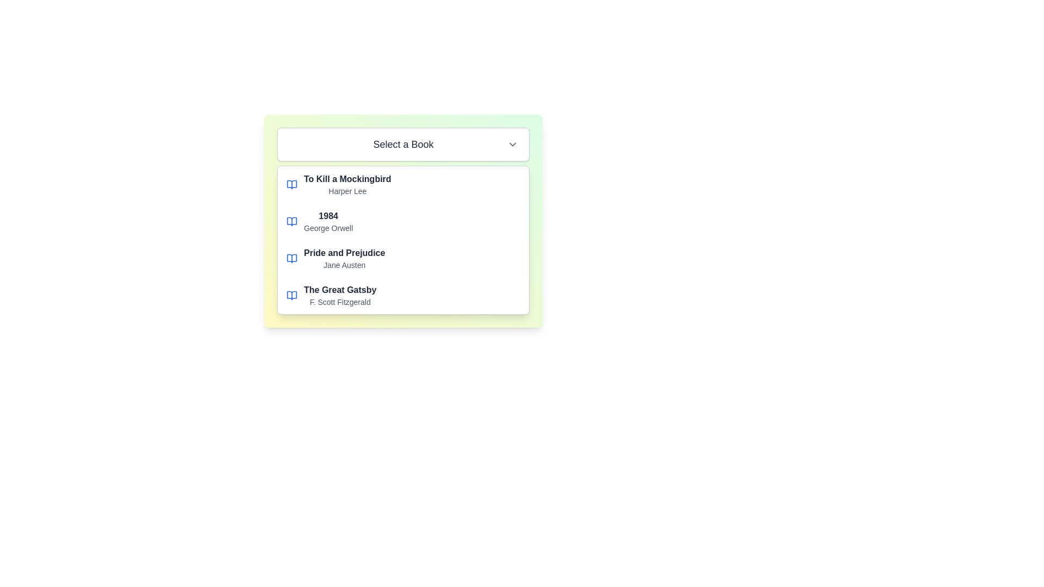 Image resolution: width=1044 pixels, height=587 pixels. Describe the element at coordinates (347, 184) in the screenshot. I see `the Text Display element showing the book title 'To Kill a Mockingbird'` at that location.